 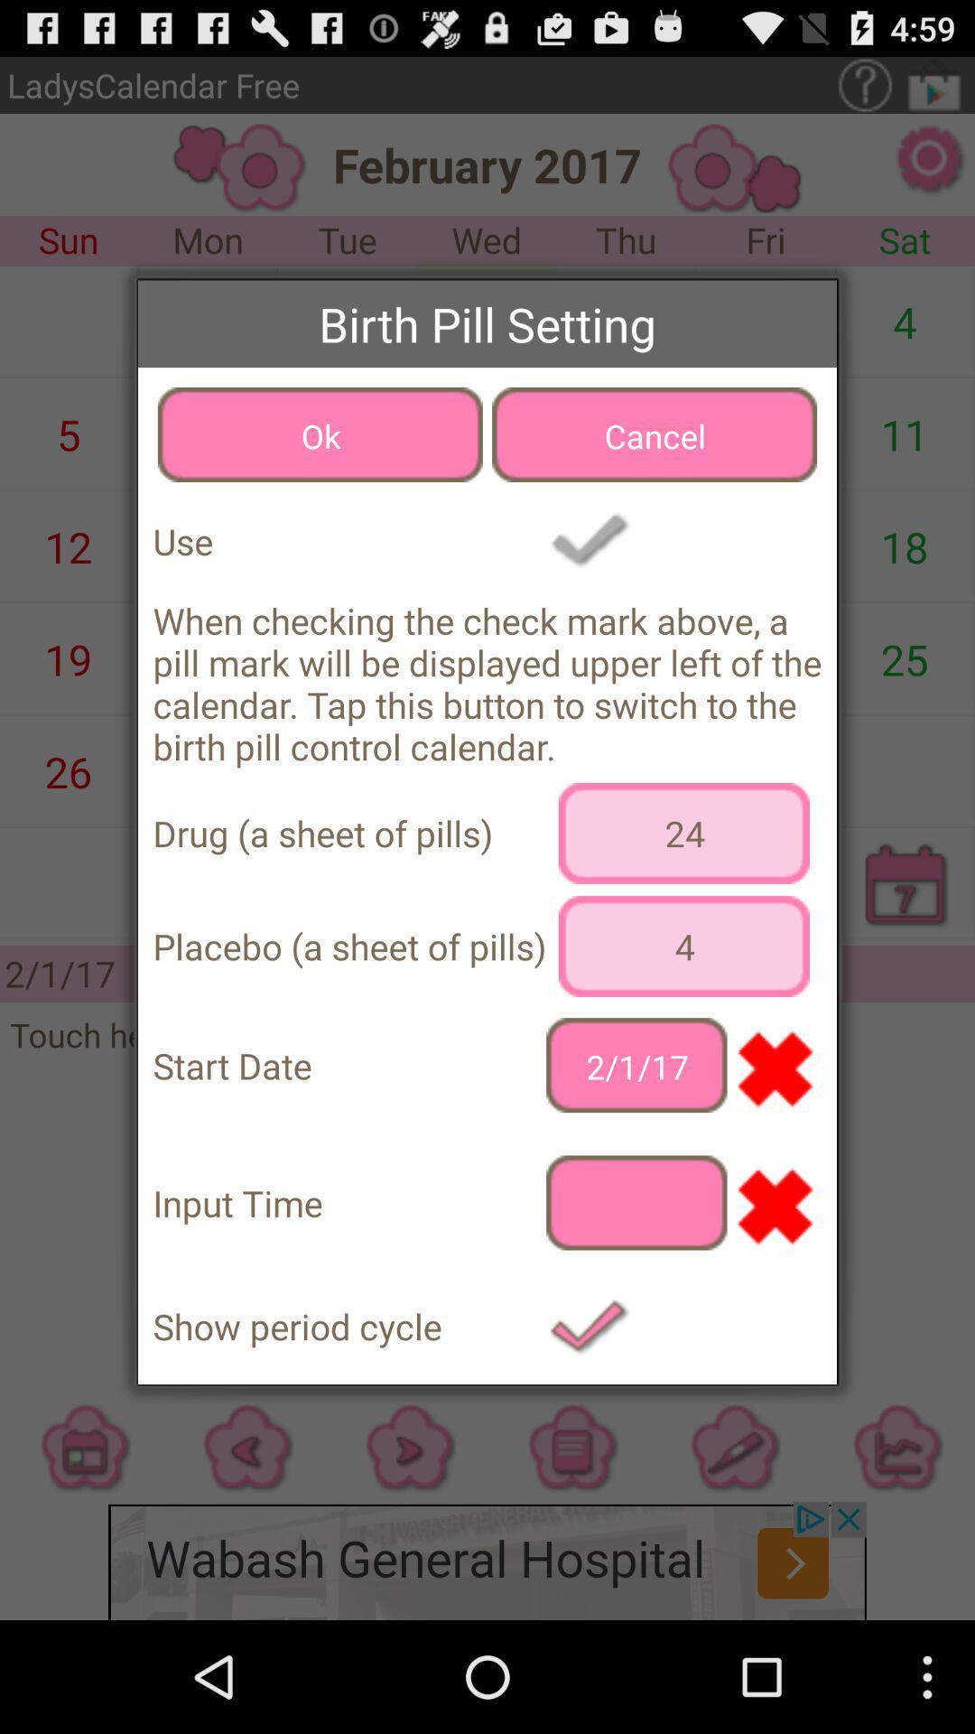 What do you see at coordinates (655, 434) in the screenshot?
I see `the icon next to the ok item` at bounding box center [655, 434].